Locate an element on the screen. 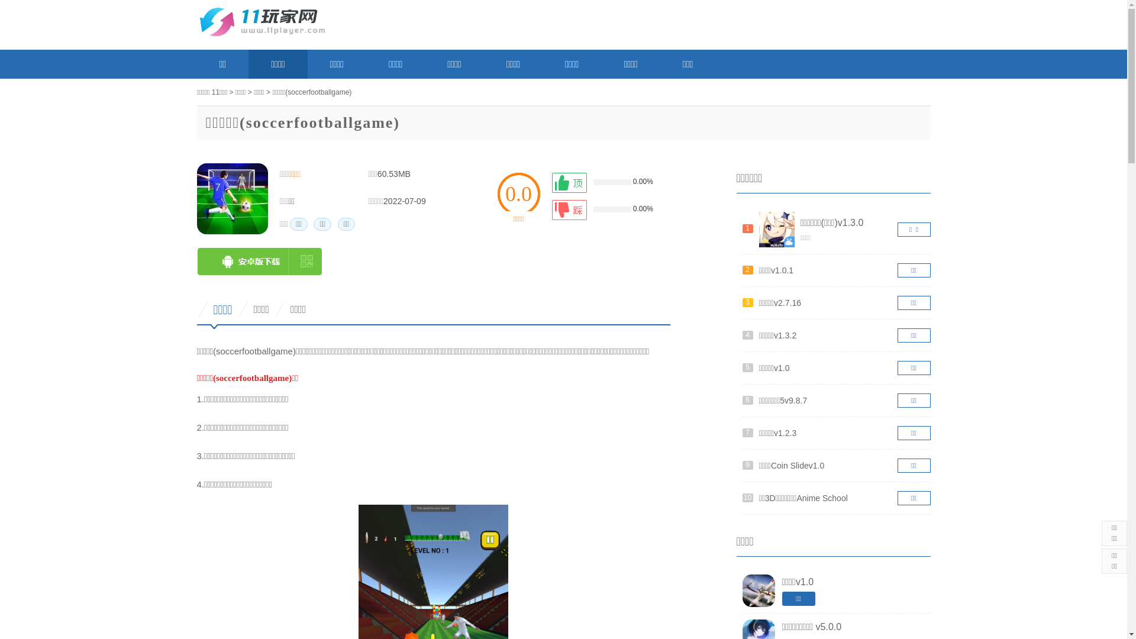  '0.00%' is located at coordinates (608, 209).